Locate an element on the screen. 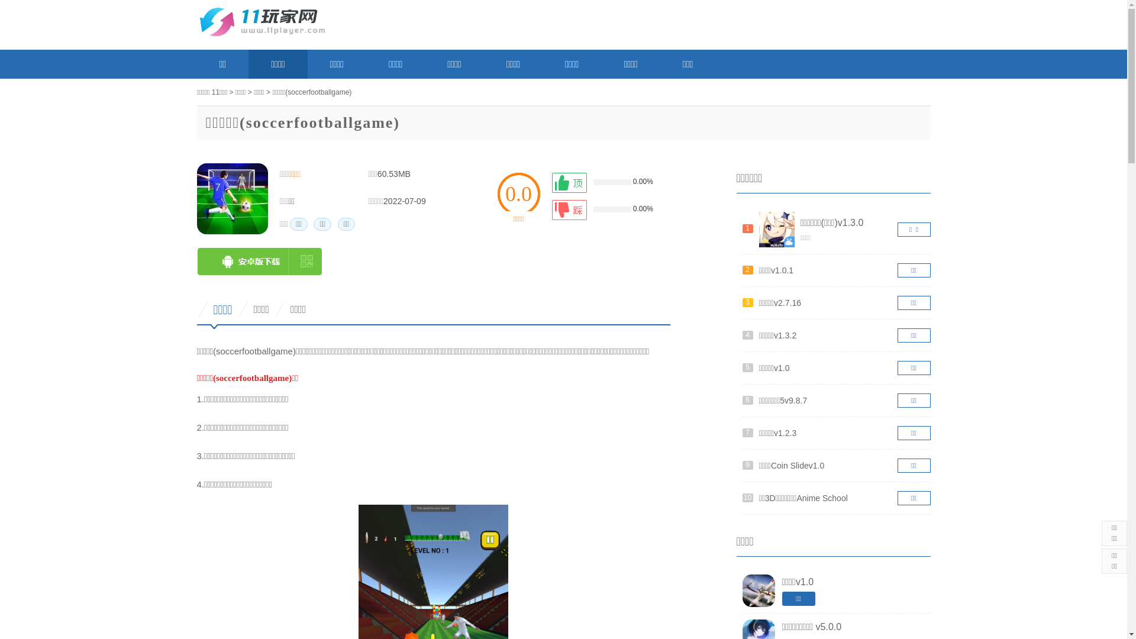  '0.00%' is located at coordinates (608, 209).